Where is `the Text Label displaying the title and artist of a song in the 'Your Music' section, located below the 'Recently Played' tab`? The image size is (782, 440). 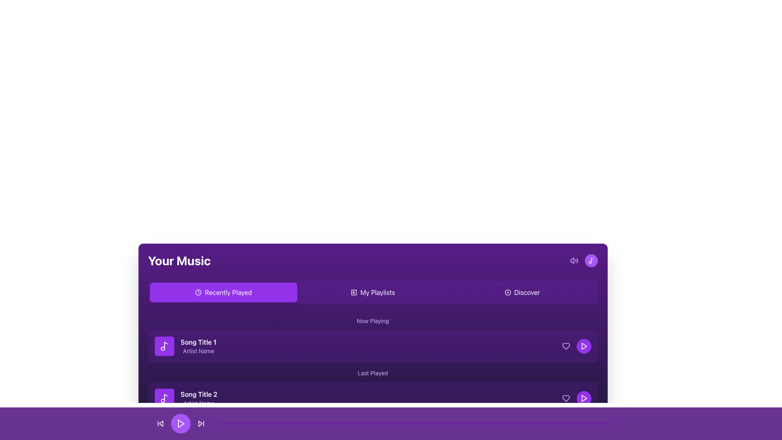 the Text Label displaying the title and artist of a song in the 'Your Music' section, located below the 'Recently Played' tab is located at coordinates (198, 346).